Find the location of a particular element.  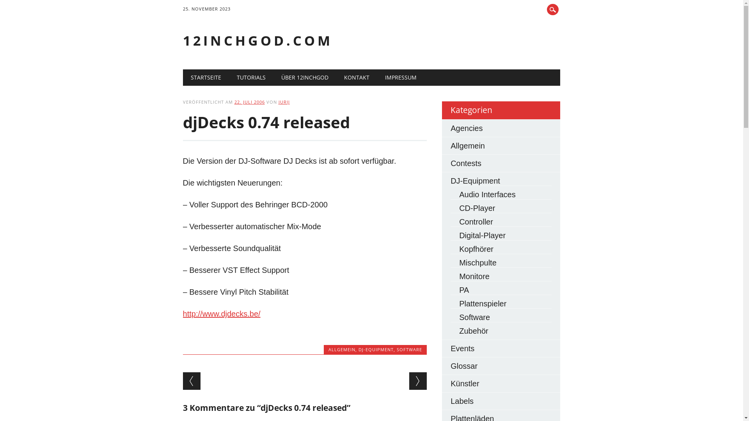

'Plattenspieler' is located at coordinates (482, 303).